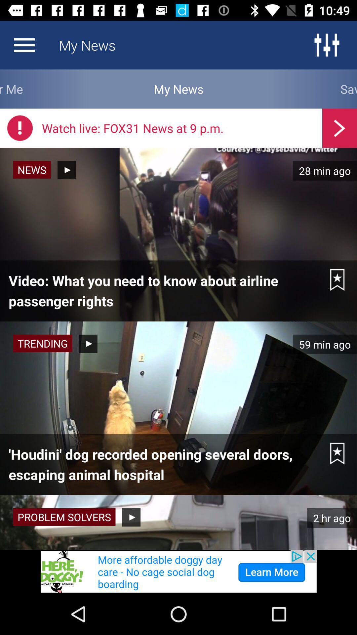  I want to click on menu button, so click(24, 45).